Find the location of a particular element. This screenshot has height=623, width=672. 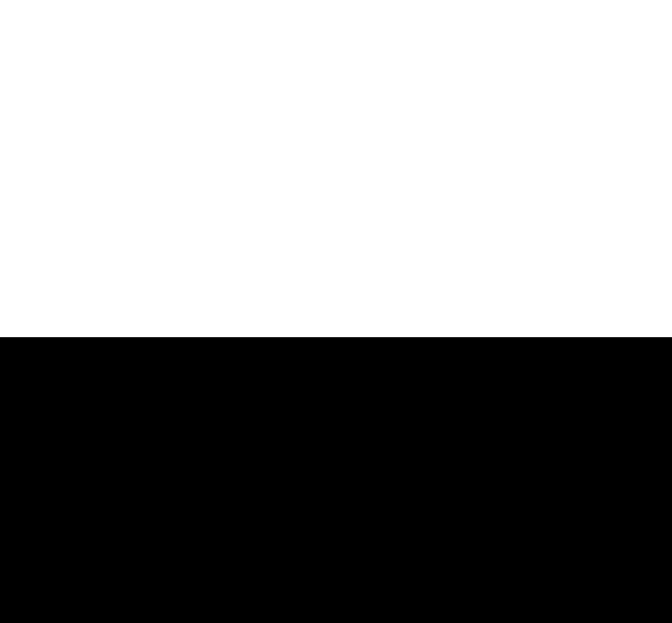

'The heart of tech' is located at coordinates (78, 419).